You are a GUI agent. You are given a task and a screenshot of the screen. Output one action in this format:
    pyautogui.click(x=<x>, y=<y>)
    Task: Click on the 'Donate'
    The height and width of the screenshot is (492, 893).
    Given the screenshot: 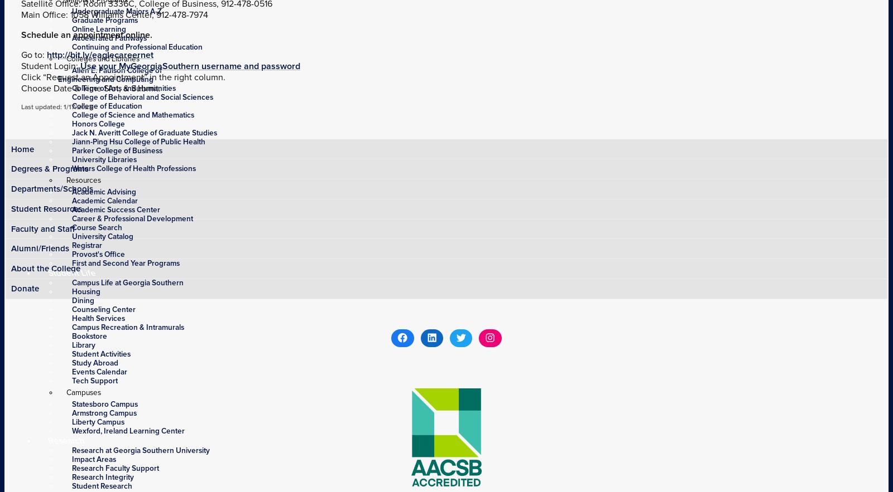 What is the action you would take?
    pyautogui.click(x=24, y=287)
    